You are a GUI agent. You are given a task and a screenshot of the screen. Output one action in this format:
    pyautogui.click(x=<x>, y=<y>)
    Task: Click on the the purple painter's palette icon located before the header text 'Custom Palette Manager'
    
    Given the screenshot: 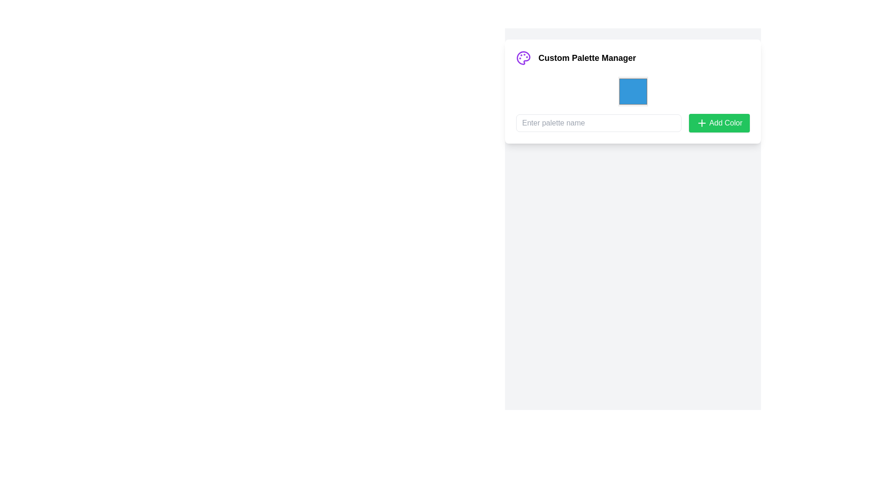 What is the action you would take?
    pyautogui.click(x=524, y=58)
    